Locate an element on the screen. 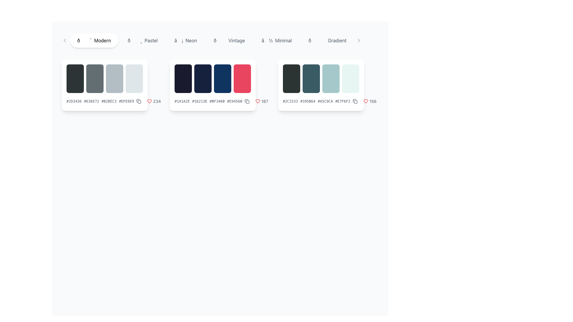  the text label displaying the hexadecimal color code '#2D3436' to focus on it is located at coordinates (74, 101).